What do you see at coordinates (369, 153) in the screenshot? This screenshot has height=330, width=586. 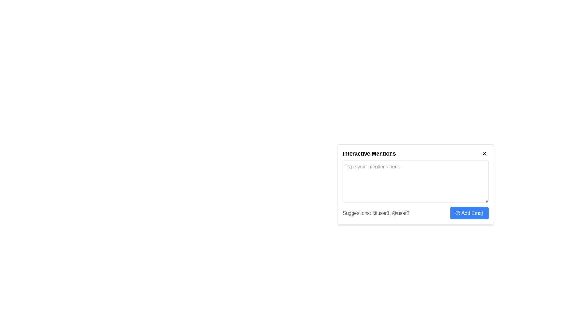 I see `the descriptive title text element located at the top-left corner of the popup card, which introduces the context of the content below` at bounding box center [369, 153].